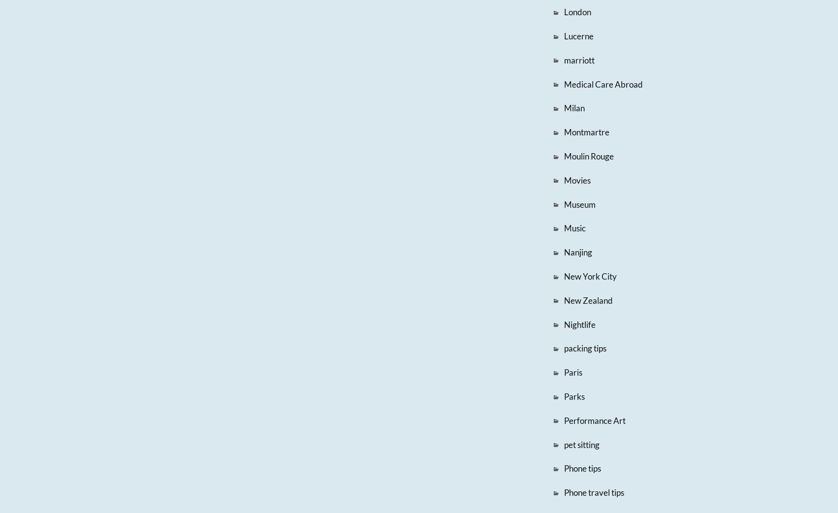  What do you see at coordinates (594, 420) in the screenshot?
I see `'Performance Art'` at bounding box center [594, 420].